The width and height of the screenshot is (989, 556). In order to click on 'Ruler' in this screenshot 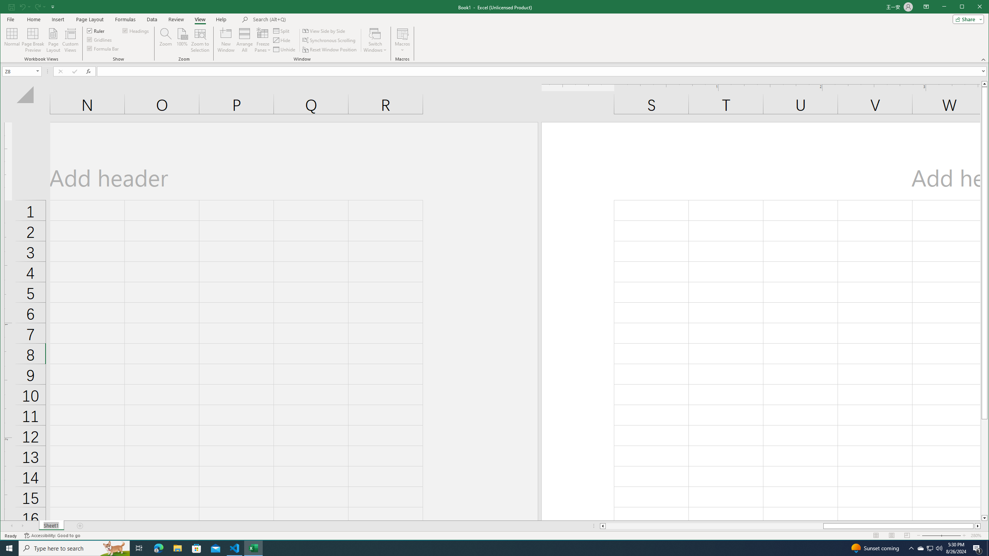, I will do `click(96, 30)`.